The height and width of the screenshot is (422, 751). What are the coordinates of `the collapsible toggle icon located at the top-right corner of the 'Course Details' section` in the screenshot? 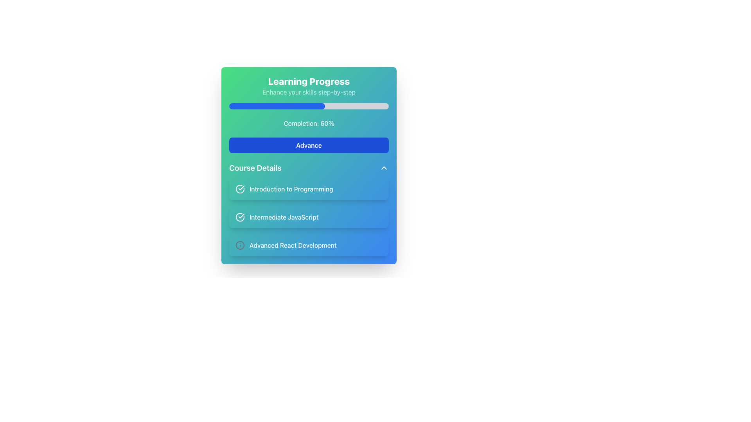 It's located at (384, 167).